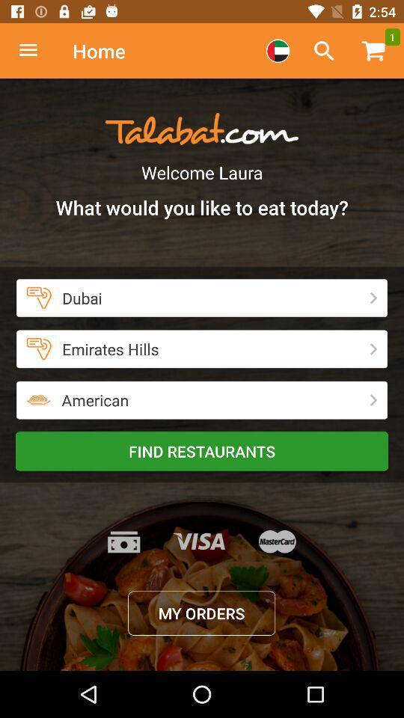 Image resolution: width=404 pixels, height=718 pixels. I want to click on search, so click(323, 51).